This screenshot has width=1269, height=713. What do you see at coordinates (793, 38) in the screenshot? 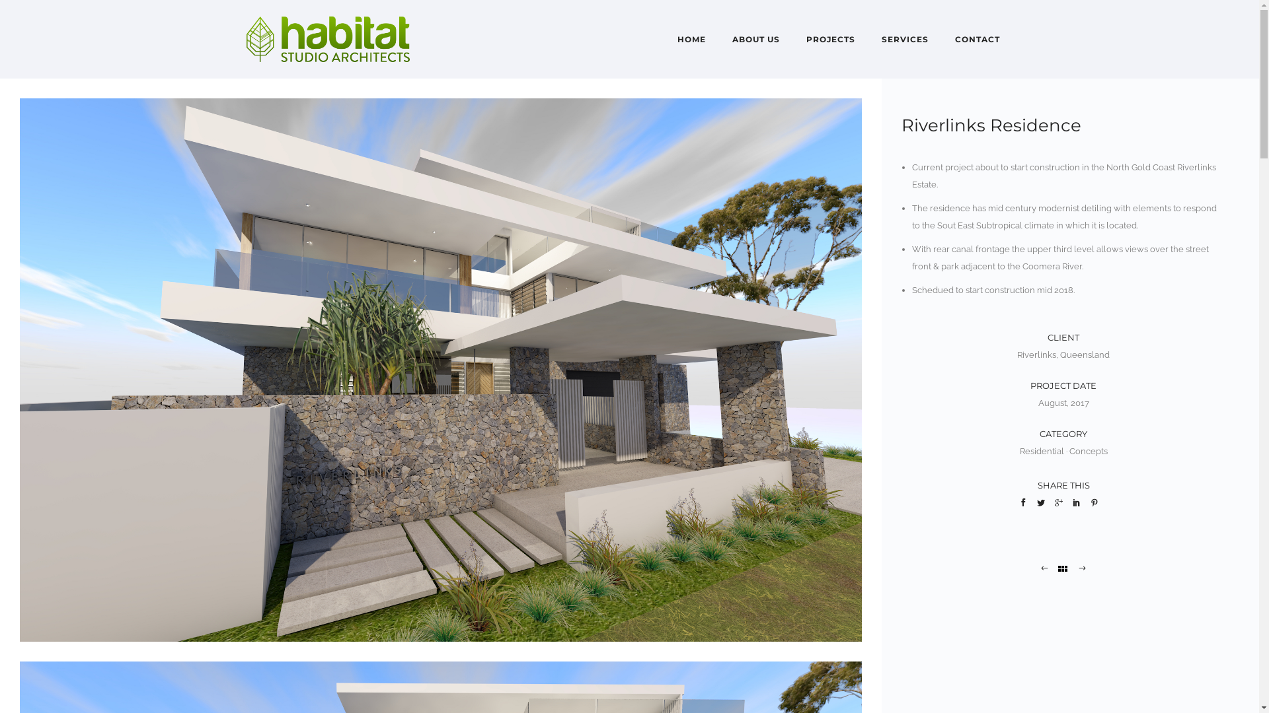
I see `'PROJECTS'` at bounding box center [793, 38].